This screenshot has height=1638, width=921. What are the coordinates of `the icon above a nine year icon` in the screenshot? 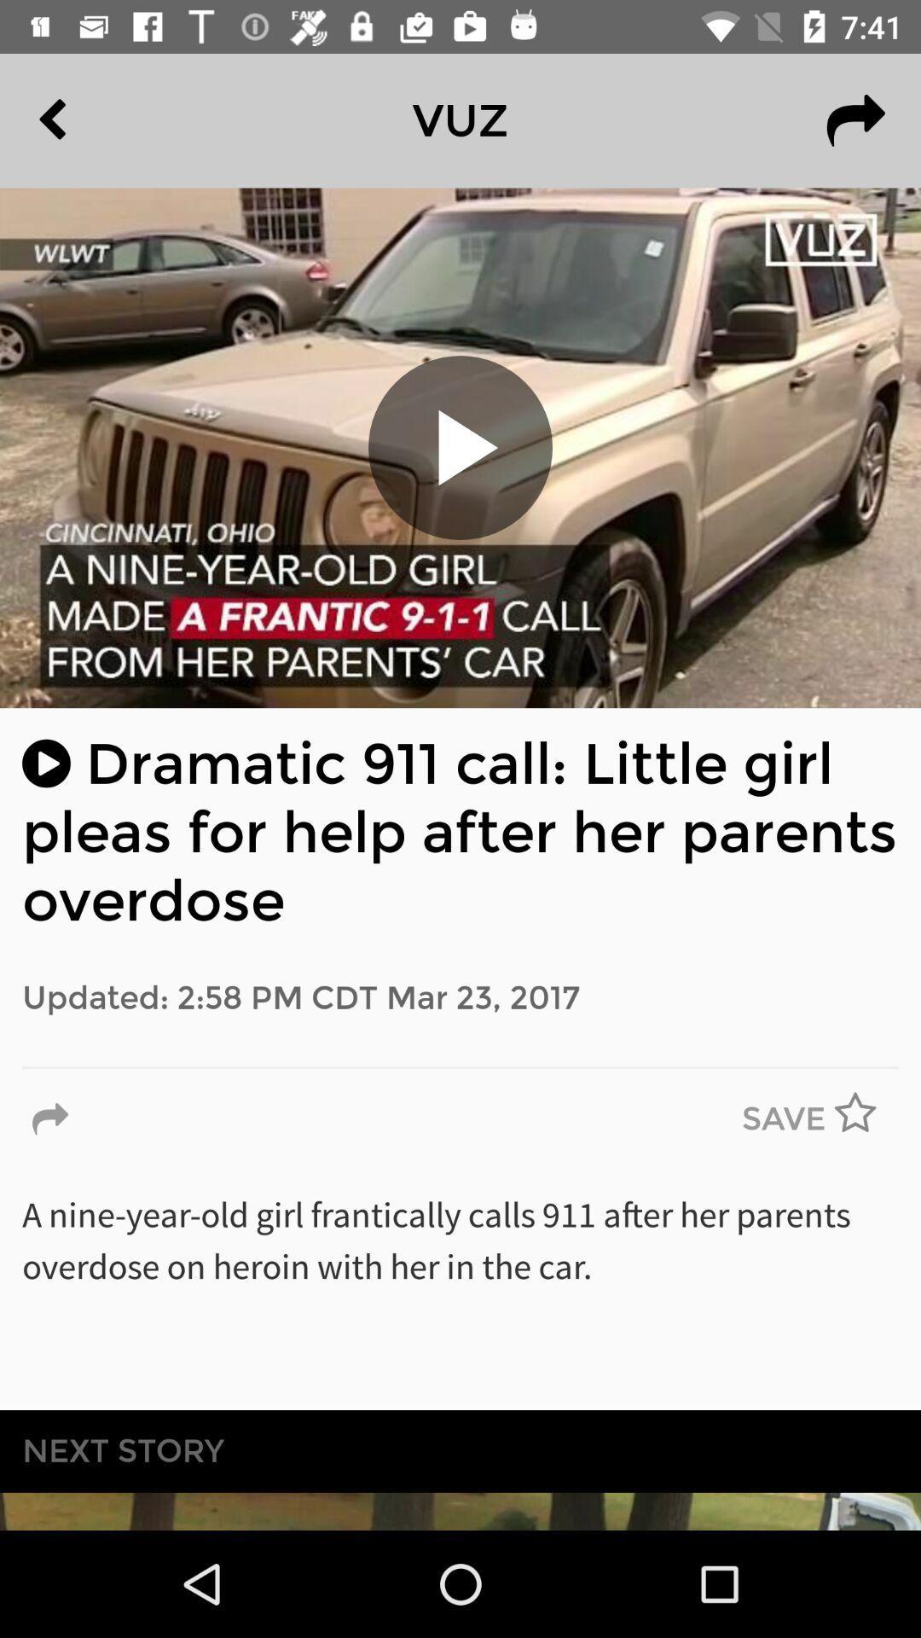 It's located at (784, 1119).